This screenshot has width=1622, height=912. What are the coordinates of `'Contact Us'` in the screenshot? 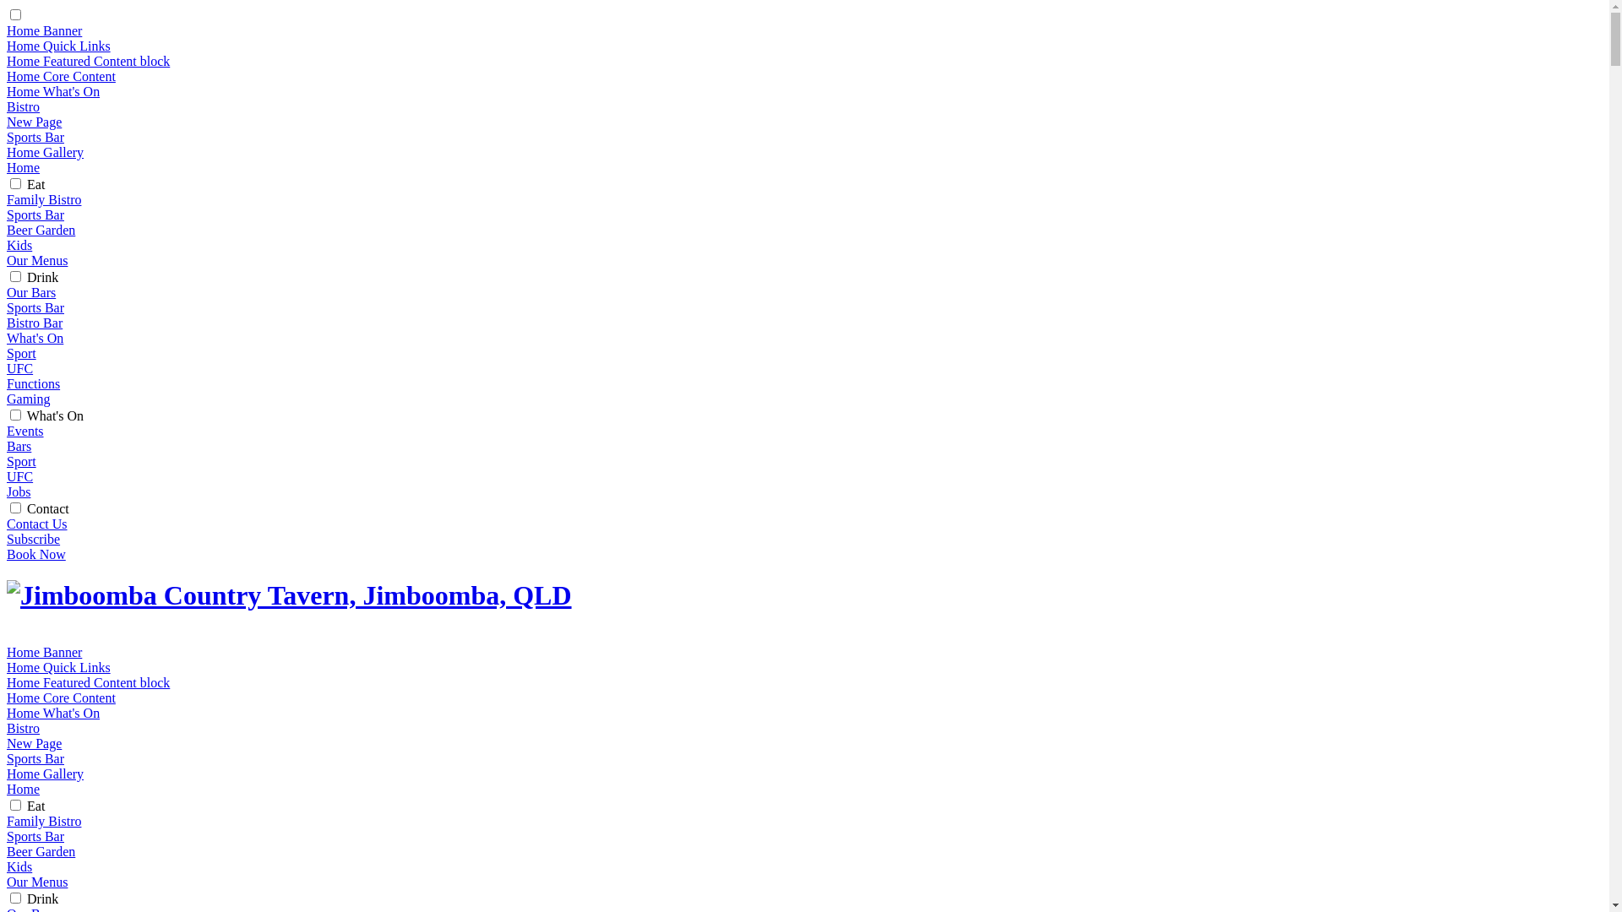 It's located at (36, 523).